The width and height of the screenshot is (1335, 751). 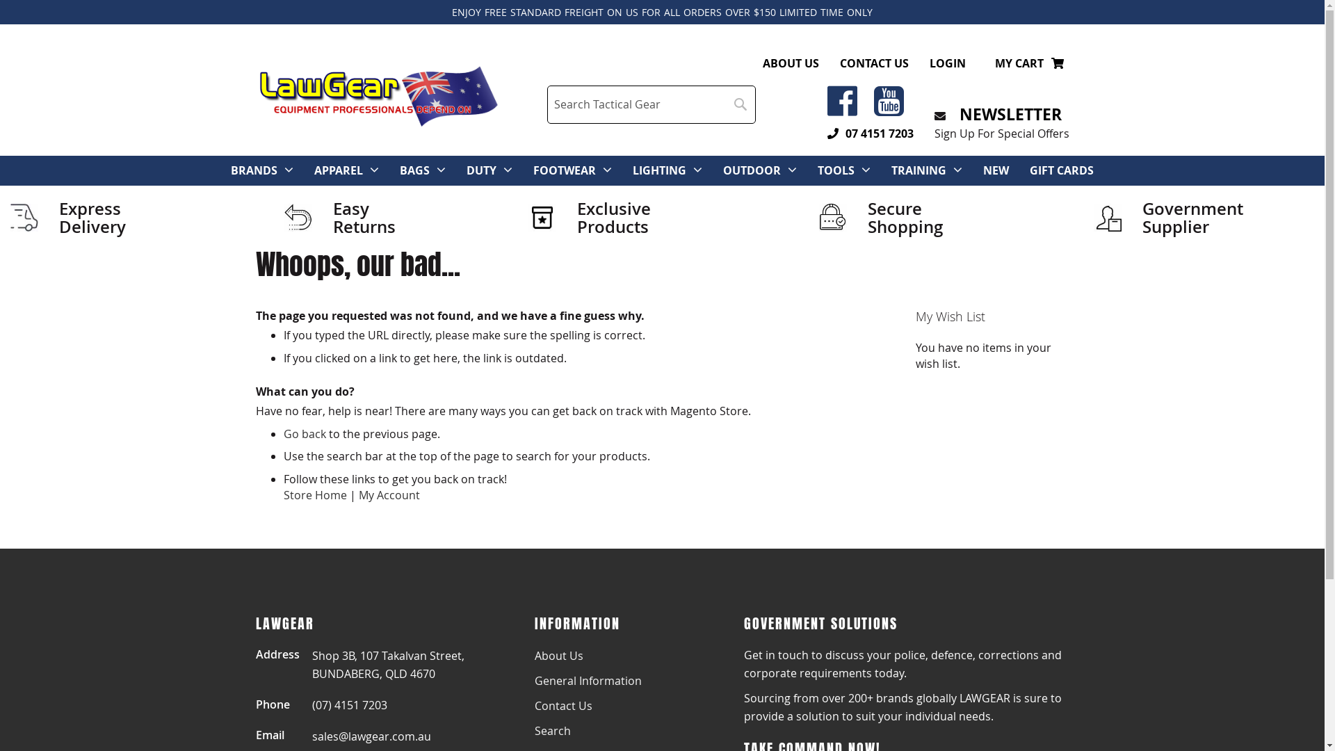 I want to click on 'LOGIN', so click(x=946, y=63).